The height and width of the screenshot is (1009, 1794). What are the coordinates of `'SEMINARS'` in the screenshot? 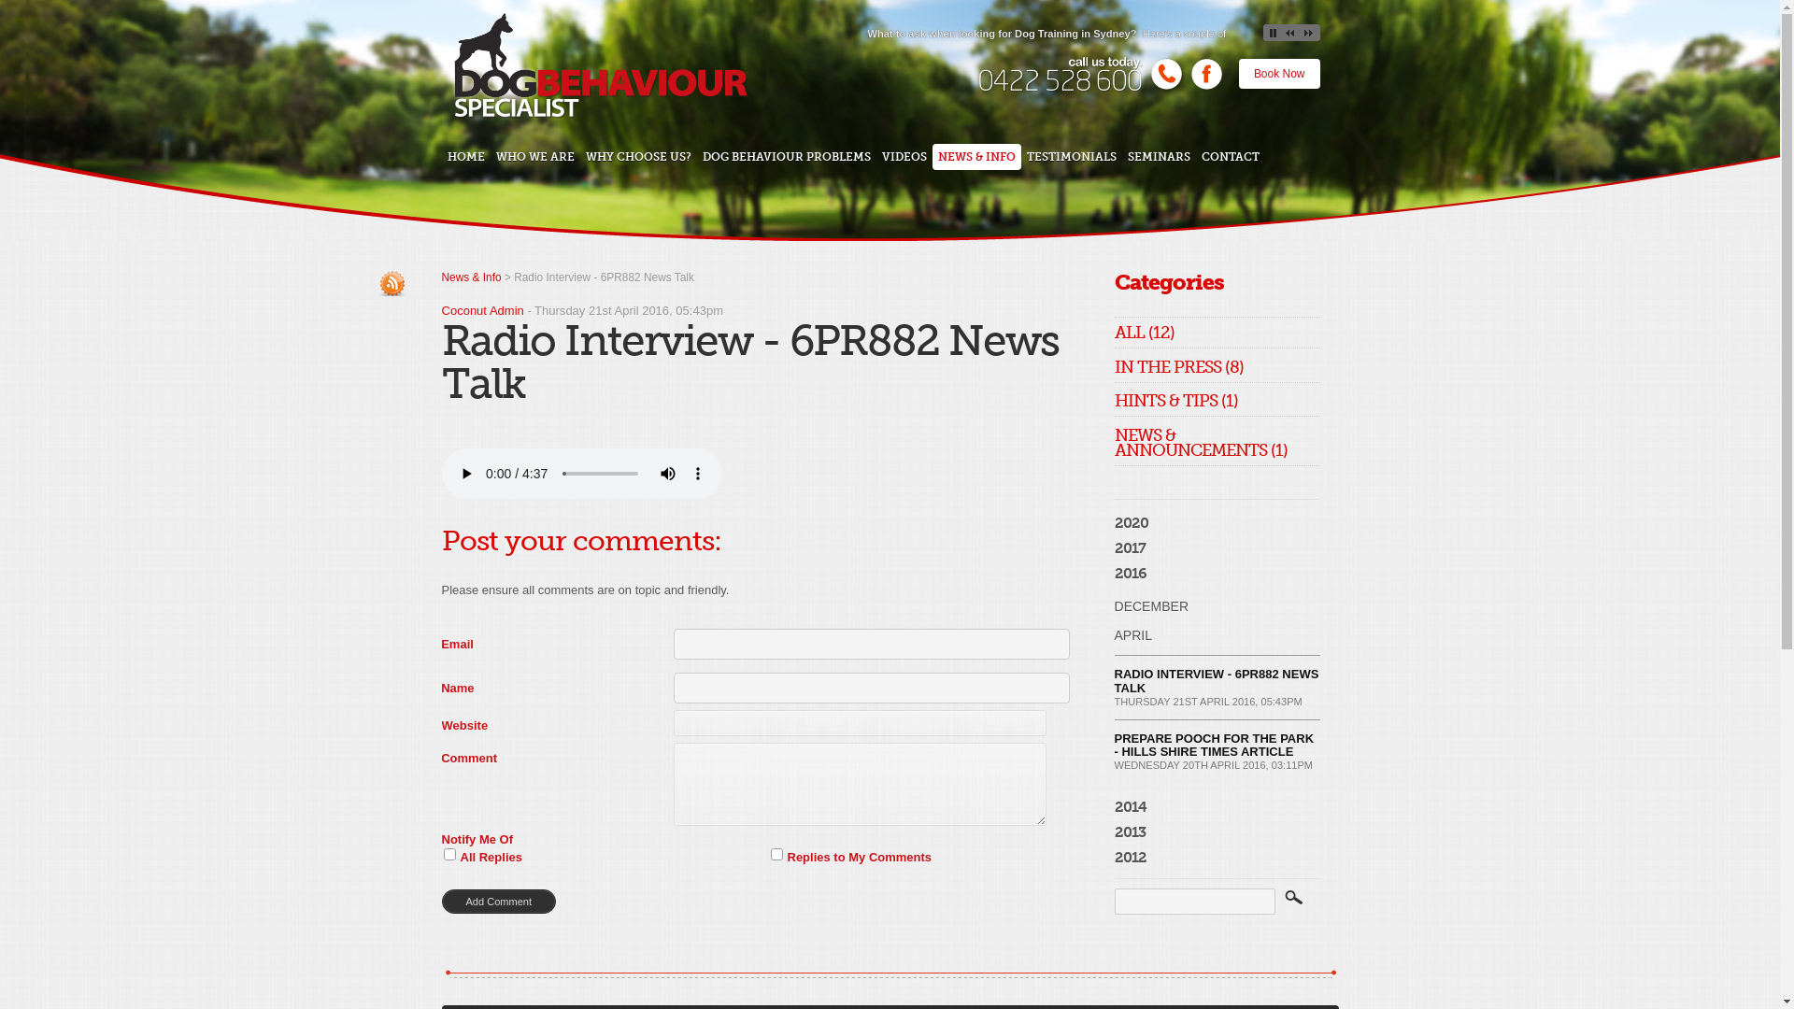 It's located at (1158, 156).